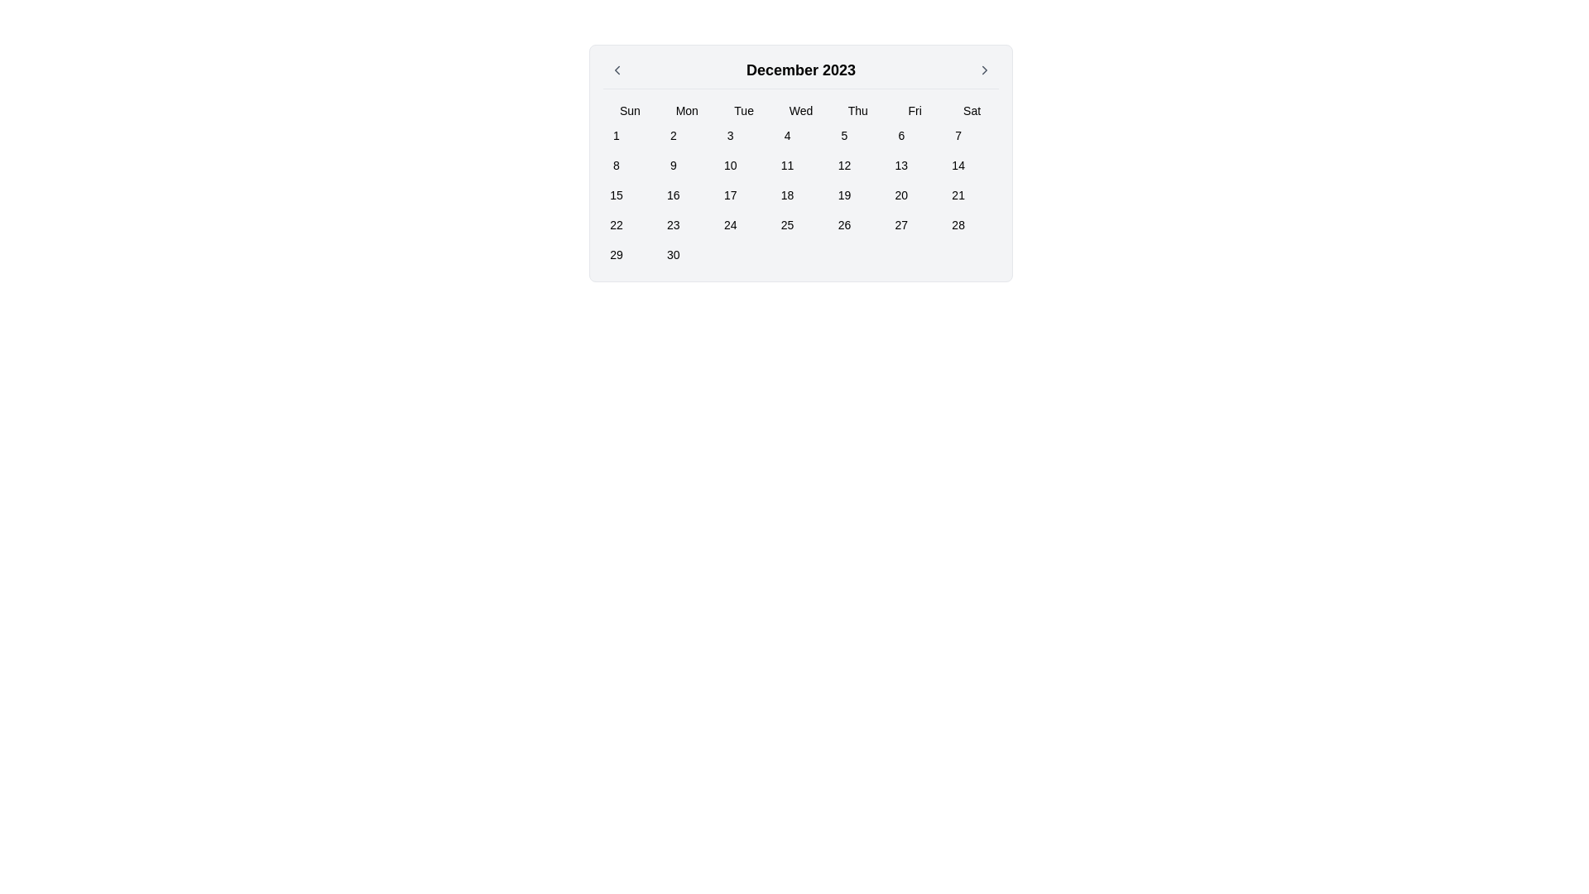  I want to click on the circular button labeled '2' in the December 2023 calendar grid, so click(673, 135).